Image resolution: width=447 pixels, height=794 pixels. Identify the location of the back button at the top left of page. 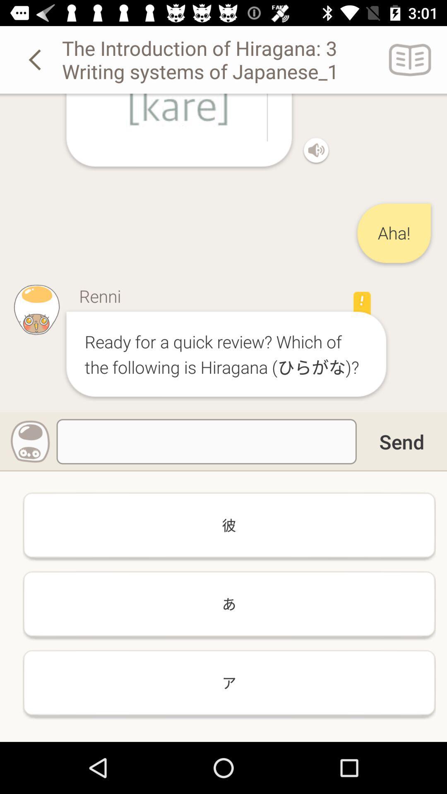
(36, 59).